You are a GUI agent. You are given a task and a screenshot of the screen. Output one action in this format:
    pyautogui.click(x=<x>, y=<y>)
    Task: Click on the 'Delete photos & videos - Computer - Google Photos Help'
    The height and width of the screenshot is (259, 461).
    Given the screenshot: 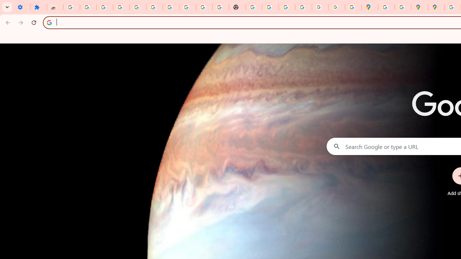 What is the action you would take?
    pyautogui.click(x=104, y=7)
    